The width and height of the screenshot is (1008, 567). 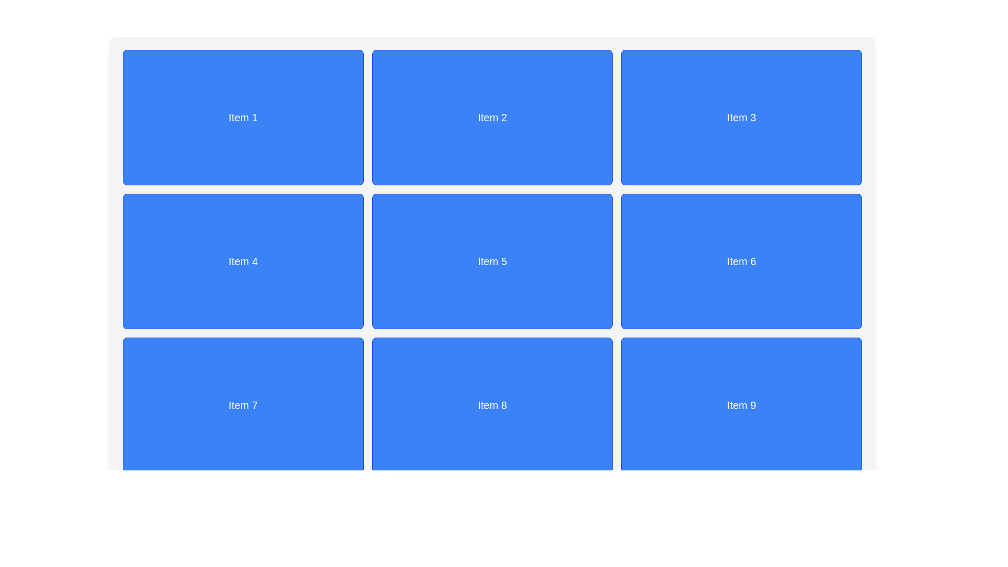 I want to click on the rectangular card with a blue background and the centered white text 'Item 3', located in the first row and third column of a 3x3 grid layout, so click(x=741, y=117).